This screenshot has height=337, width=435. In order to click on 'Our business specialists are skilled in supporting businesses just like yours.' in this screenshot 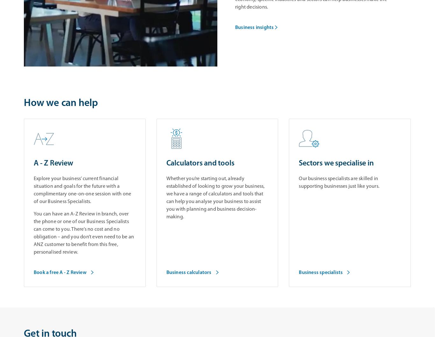, I will do `click(339, 182)`.